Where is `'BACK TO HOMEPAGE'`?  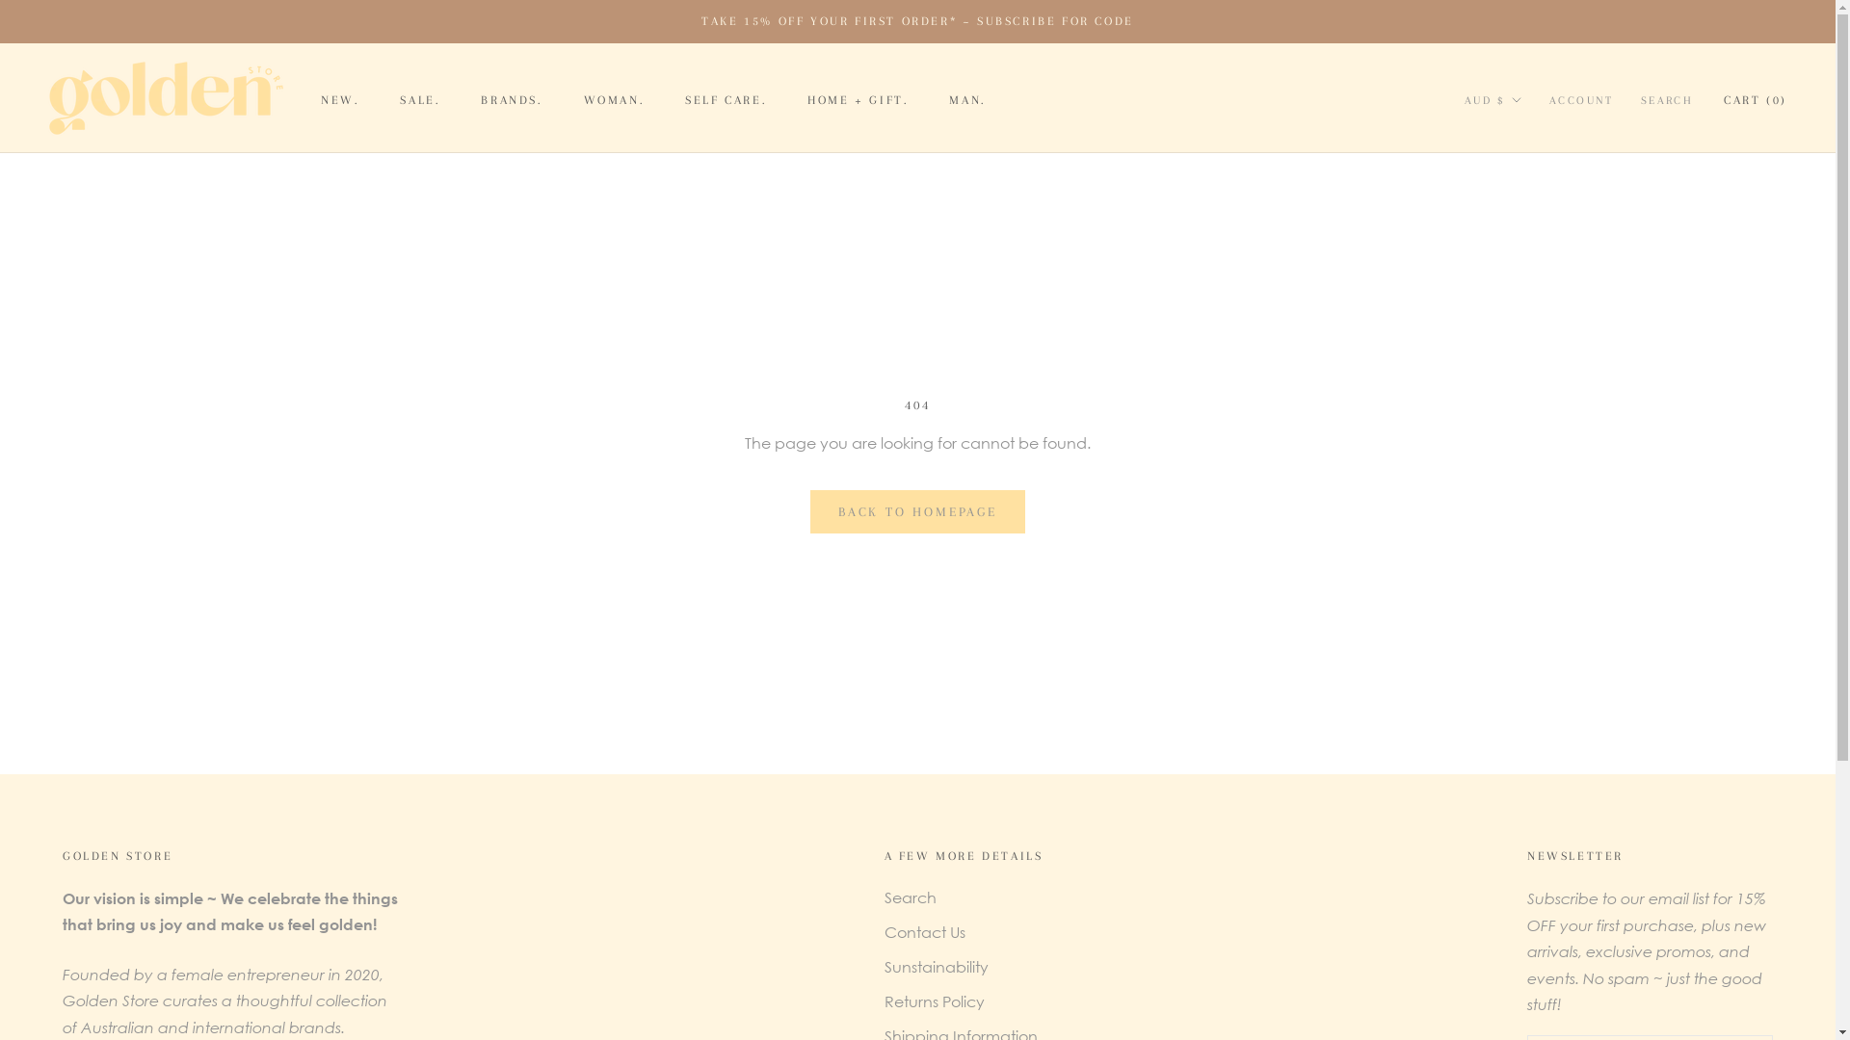 'BACK TO HOMEPAGE' is located at coordinates (916, 510).